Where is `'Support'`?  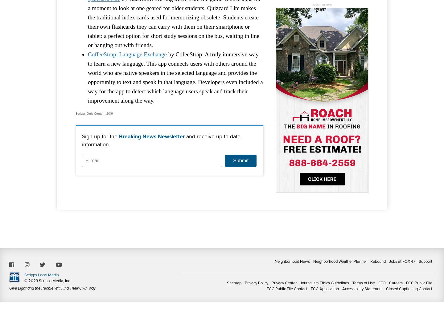
'Support' is located at coordinates (425, 261).